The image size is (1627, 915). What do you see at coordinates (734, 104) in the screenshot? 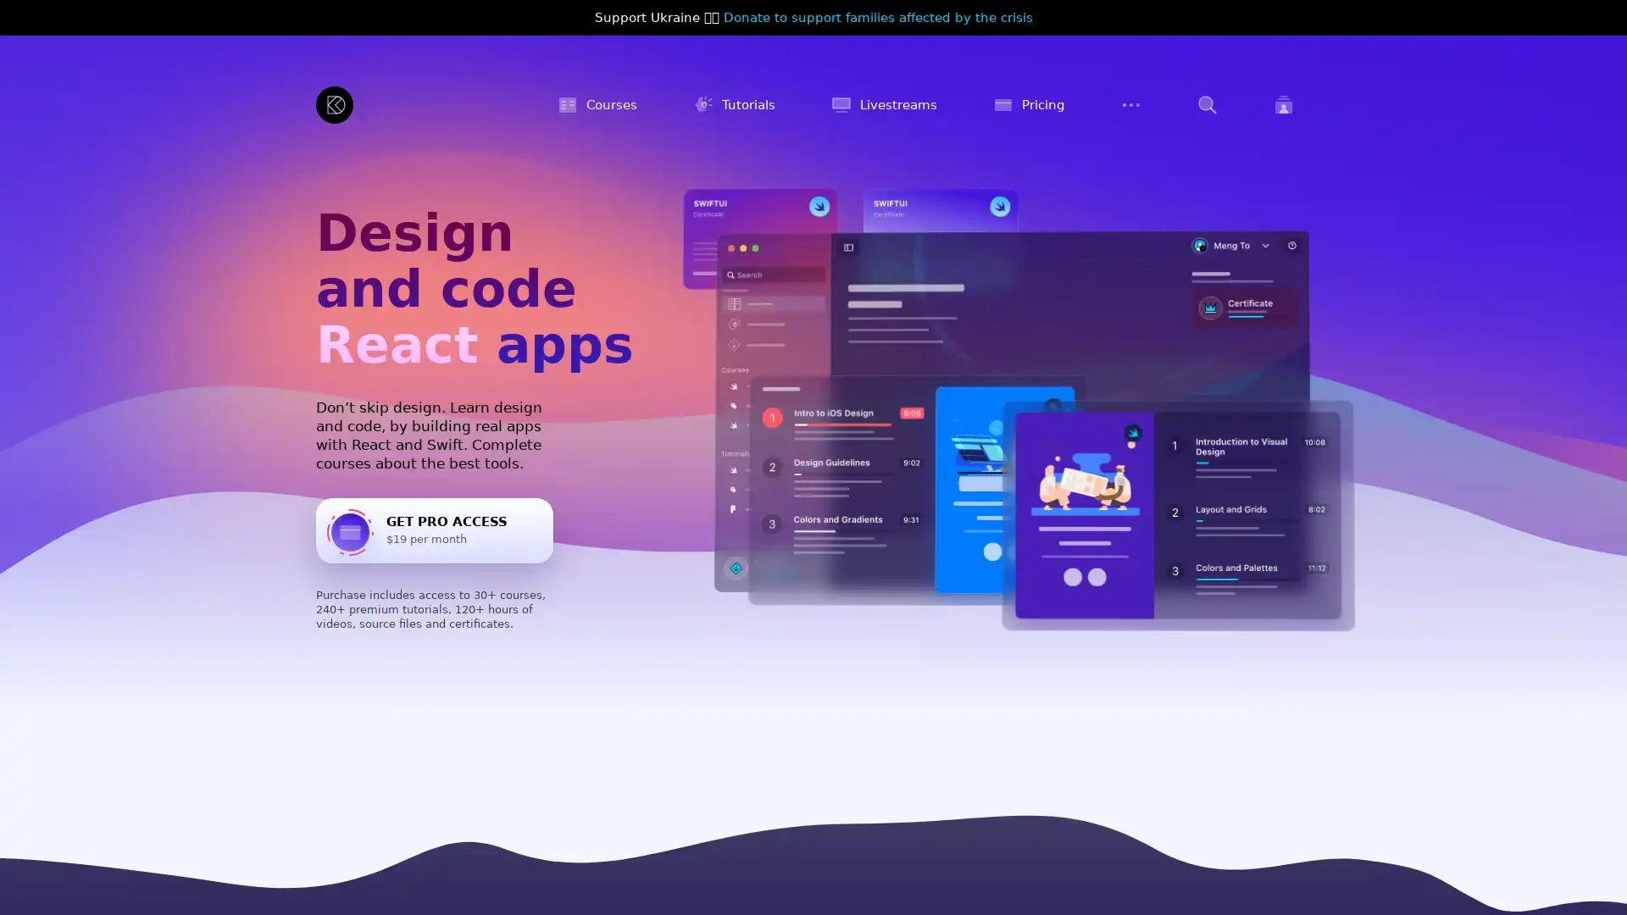
I see `Tutorials icon Tutorials` at bounding box center [734, 104].